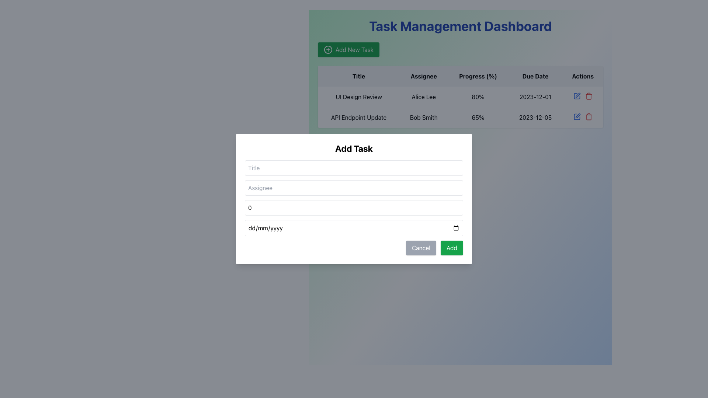 Image resolution: width=708 pixels, height=398 pixels. Describe the element at coordinates (424, 96) in the screenshot. I see `the text label displaying 'Alice Lee', which is located in the second column of the first row under the heading 'Assignee' in the Task Management Dashboard table` at that location.